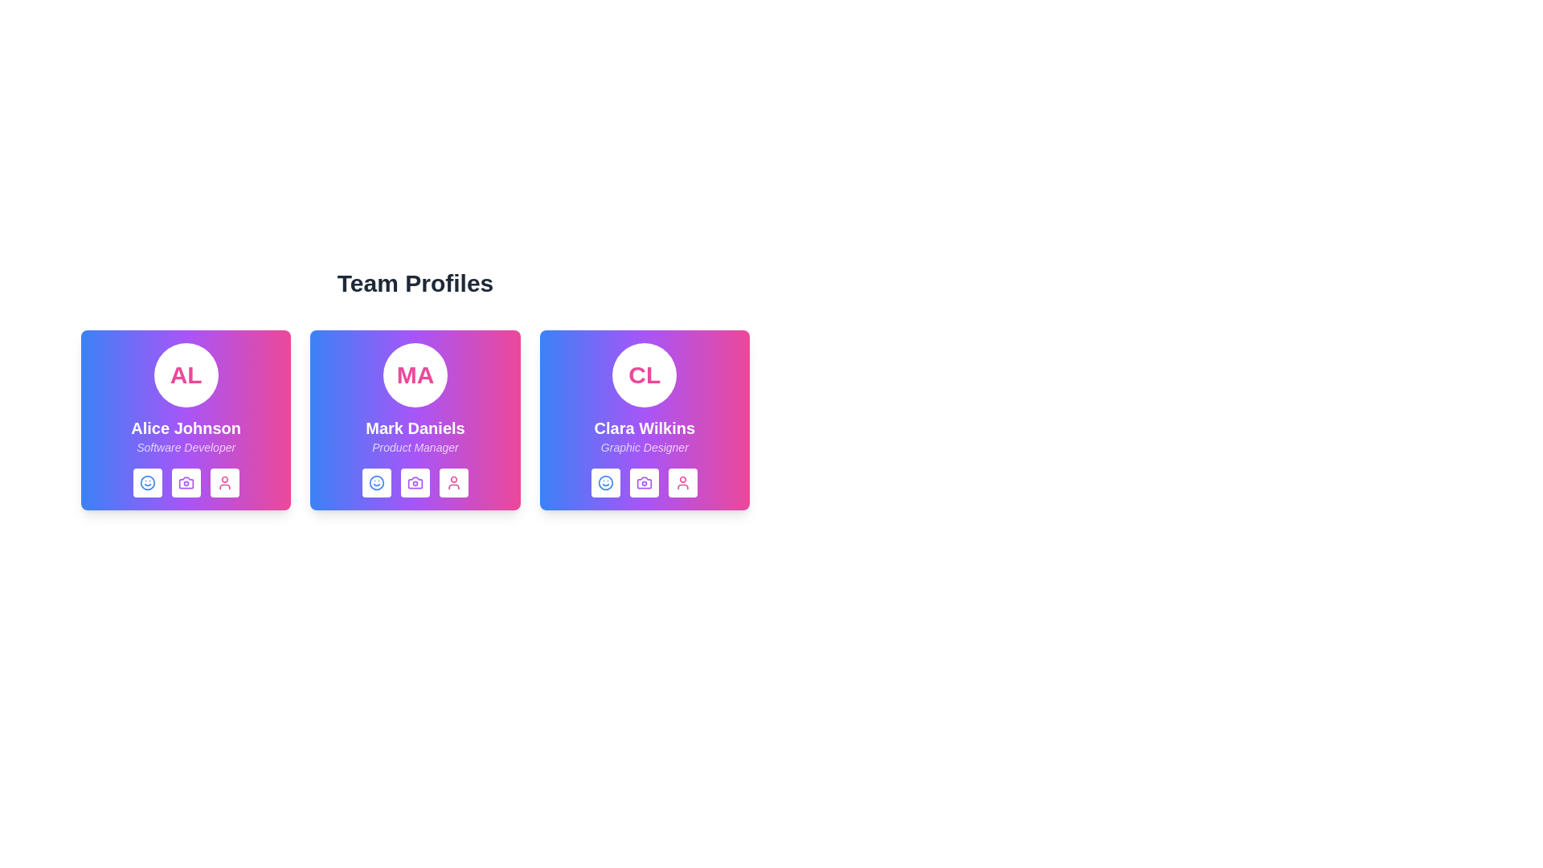  What do you see at coordinates (415, 482) in the screenshot?
I see `the square button with a purple border and camera icon located in the center of the team profile section for Mark Daniels` at bounding box center [415, 482].